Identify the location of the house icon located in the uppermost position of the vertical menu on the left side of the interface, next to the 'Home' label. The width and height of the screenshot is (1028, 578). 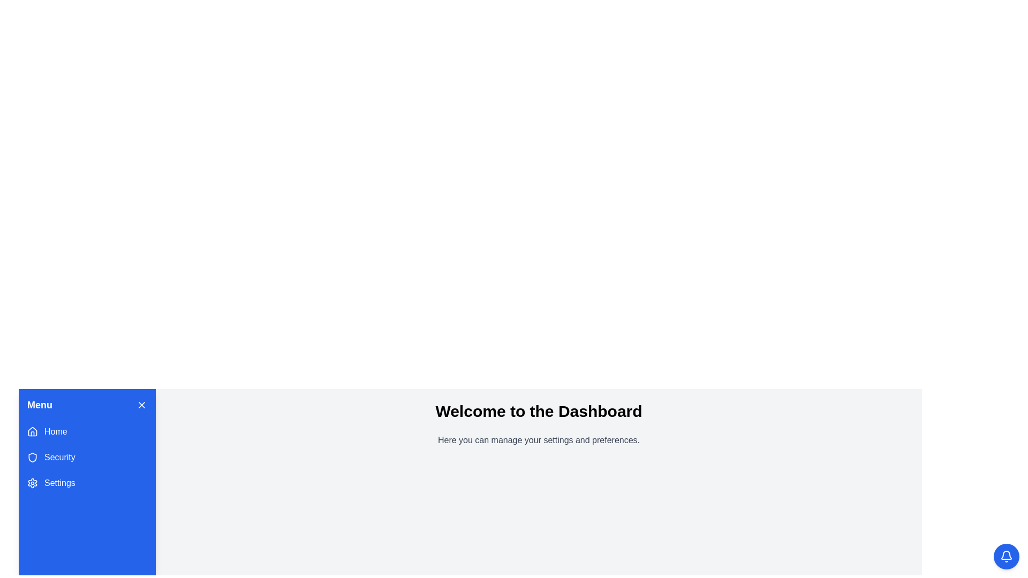
(33, 431).